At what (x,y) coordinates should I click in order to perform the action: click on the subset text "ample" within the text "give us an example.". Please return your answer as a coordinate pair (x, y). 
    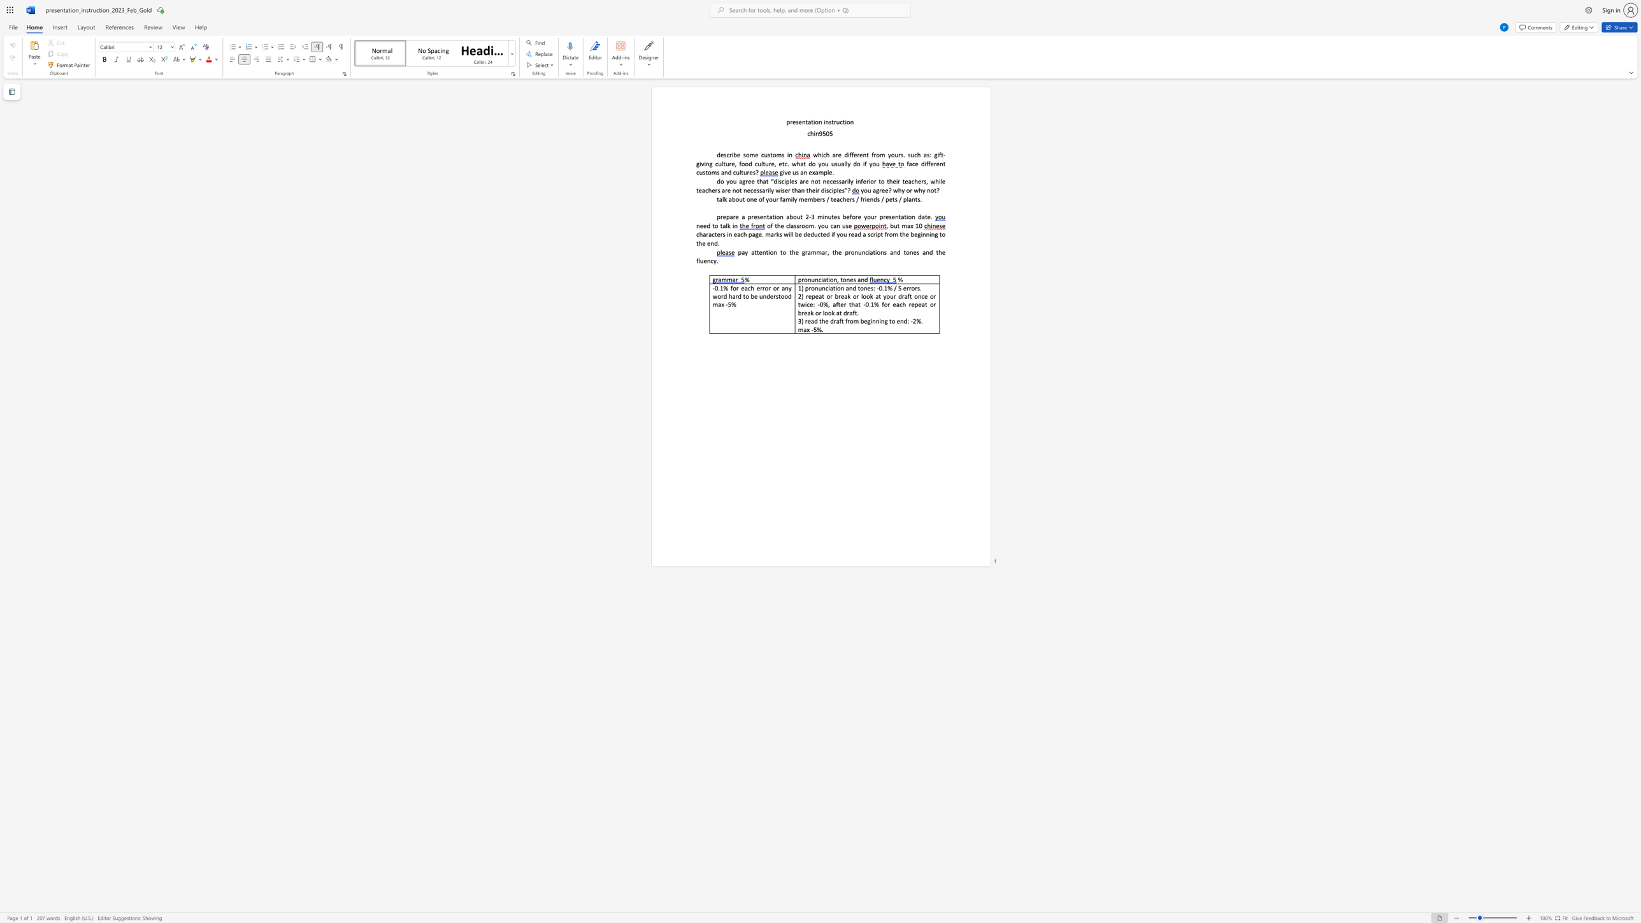
    Looking at the image, I should click on (815, 172).